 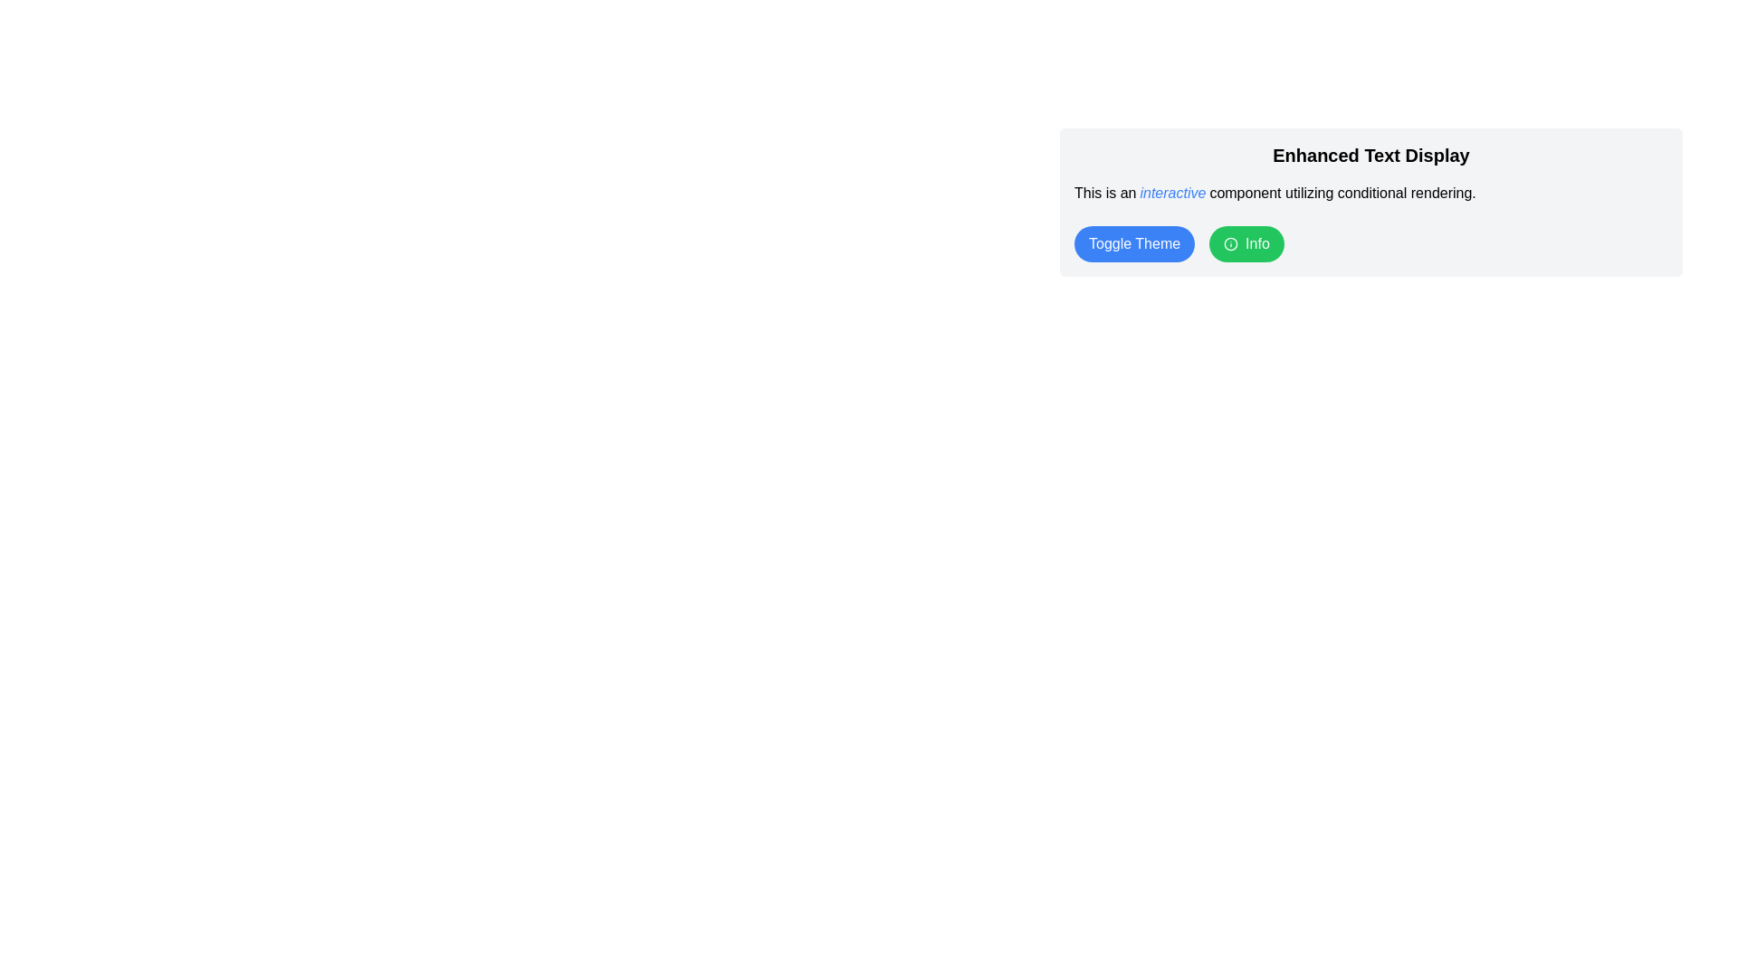 What do you see at coordinates (1231, 244) in the screenshot?
I see `the 'Info' icon, which is represented as a circle to the right of the 'Toggle Theme' button` at bounding box center [1231, 244].